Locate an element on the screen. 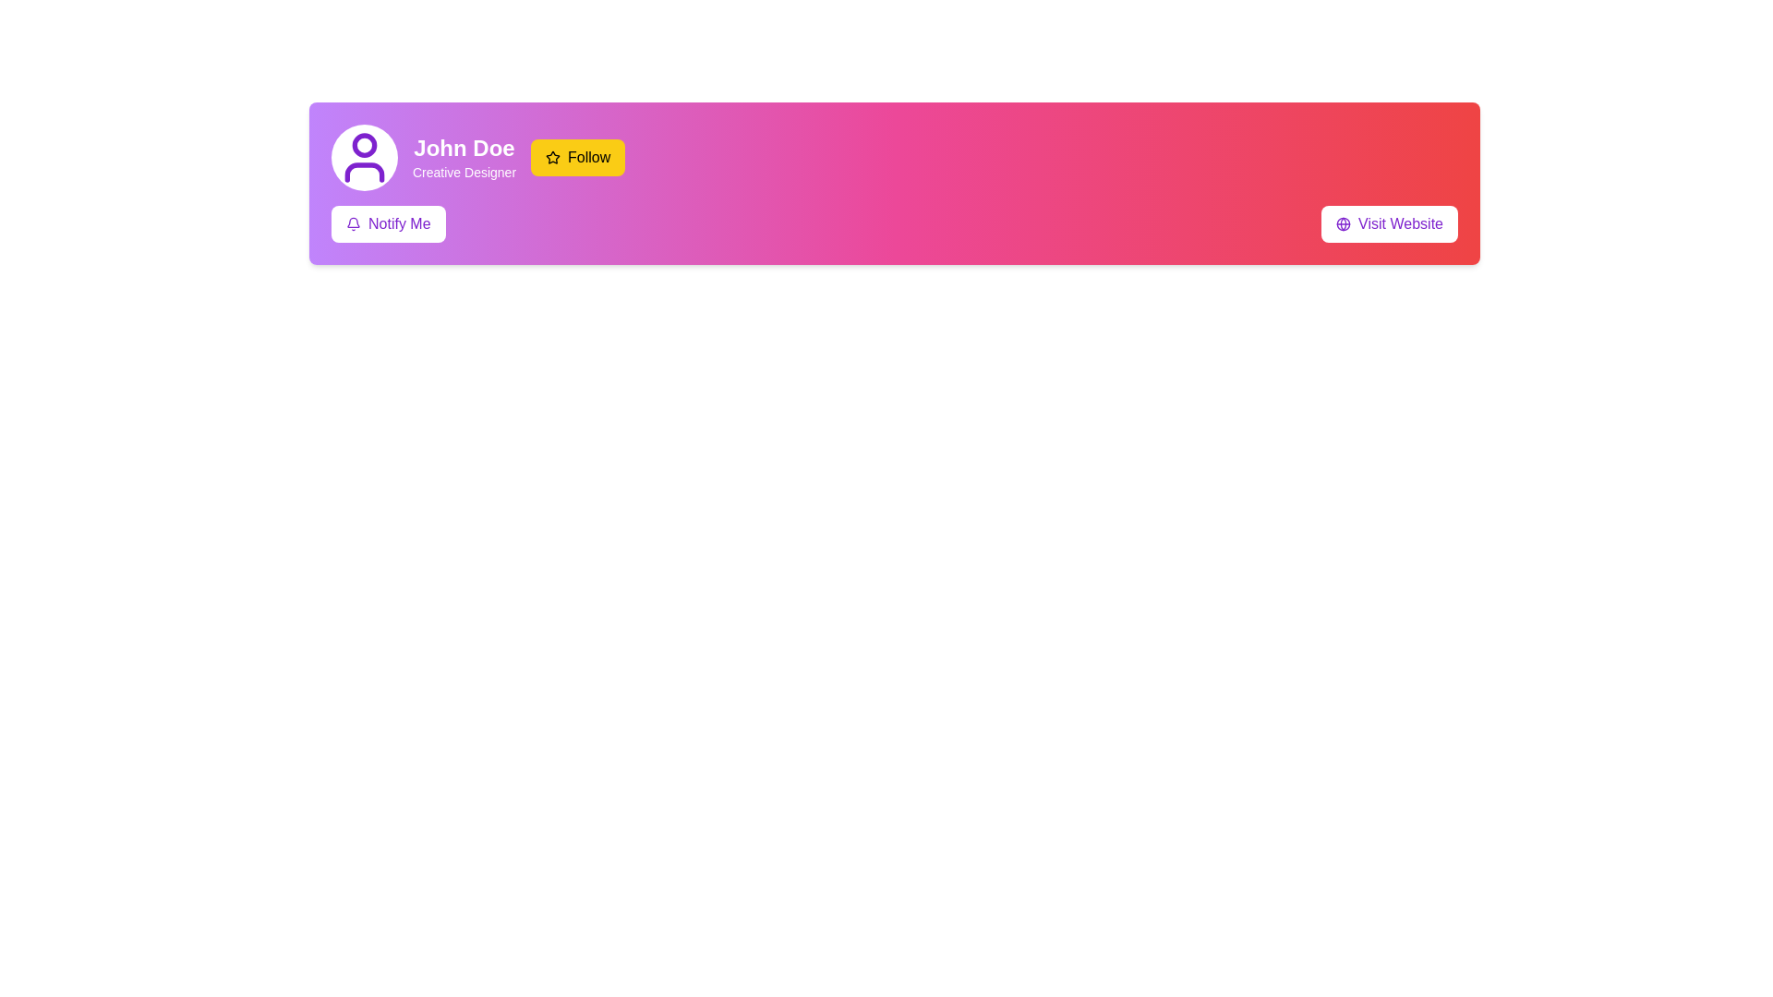 Image resolution: width=1773 pixels, height=997 pixels. the distinct purple circular graphical element that serves as the centerpiece of the SVG user icon, located in the left side of the interface is located at coordinates (364, 144).